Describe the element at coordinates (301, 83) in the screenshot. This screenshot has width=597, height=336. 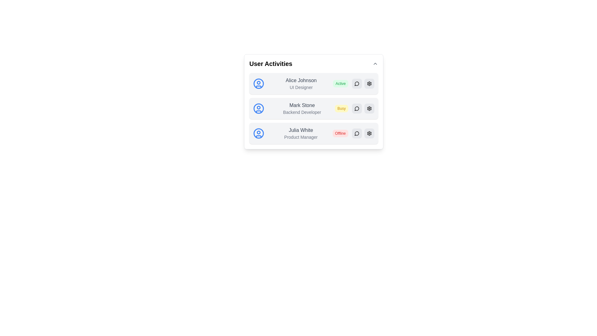
I see `the text block displaying 'Alice Johnson' with the designation 'UI Designer', located in the user activities list, positioned right of the blue user icon and left of the green 'Active' status label` at that location.